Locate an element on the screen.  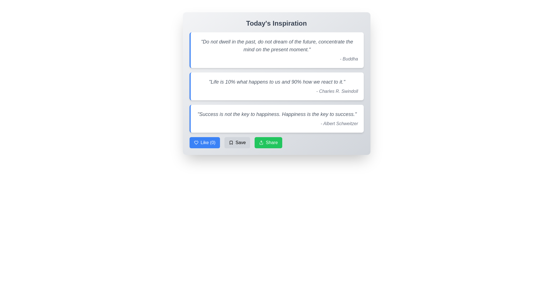
the heart SVG icon located at the bottom-left corner of the interface is located at coordinates (196, 142).